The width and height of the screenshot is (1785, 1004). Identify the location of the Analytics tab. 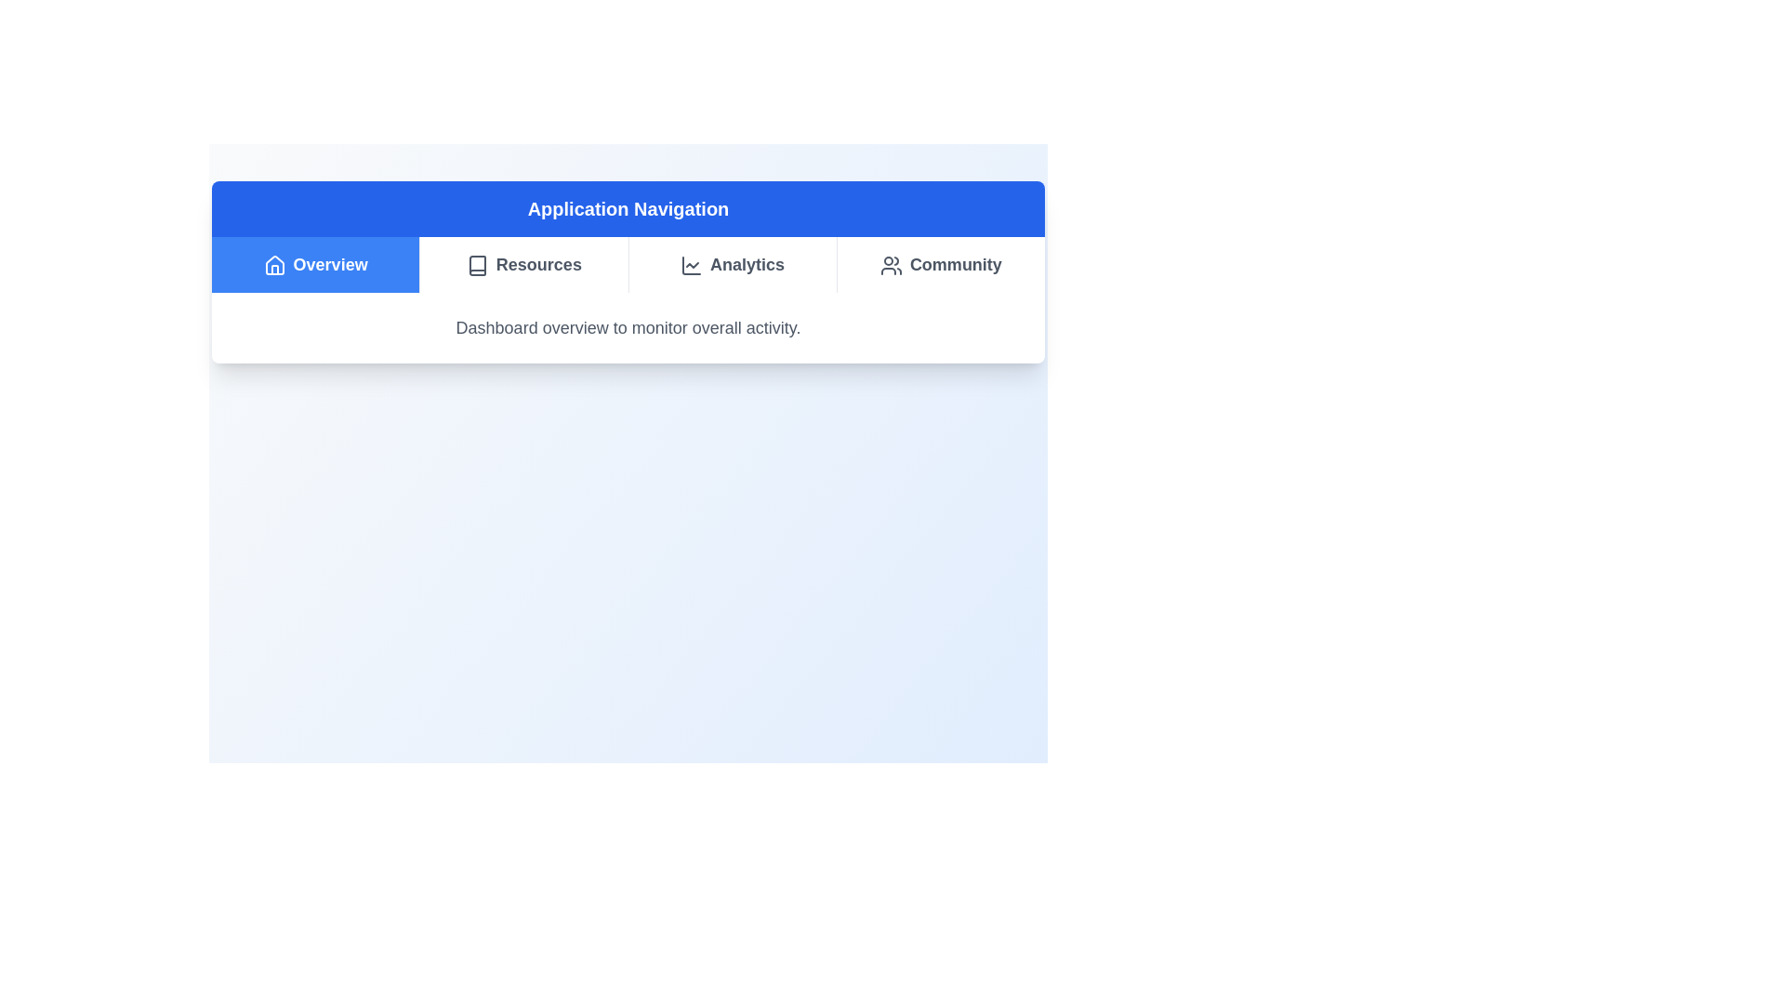
(731, 265).